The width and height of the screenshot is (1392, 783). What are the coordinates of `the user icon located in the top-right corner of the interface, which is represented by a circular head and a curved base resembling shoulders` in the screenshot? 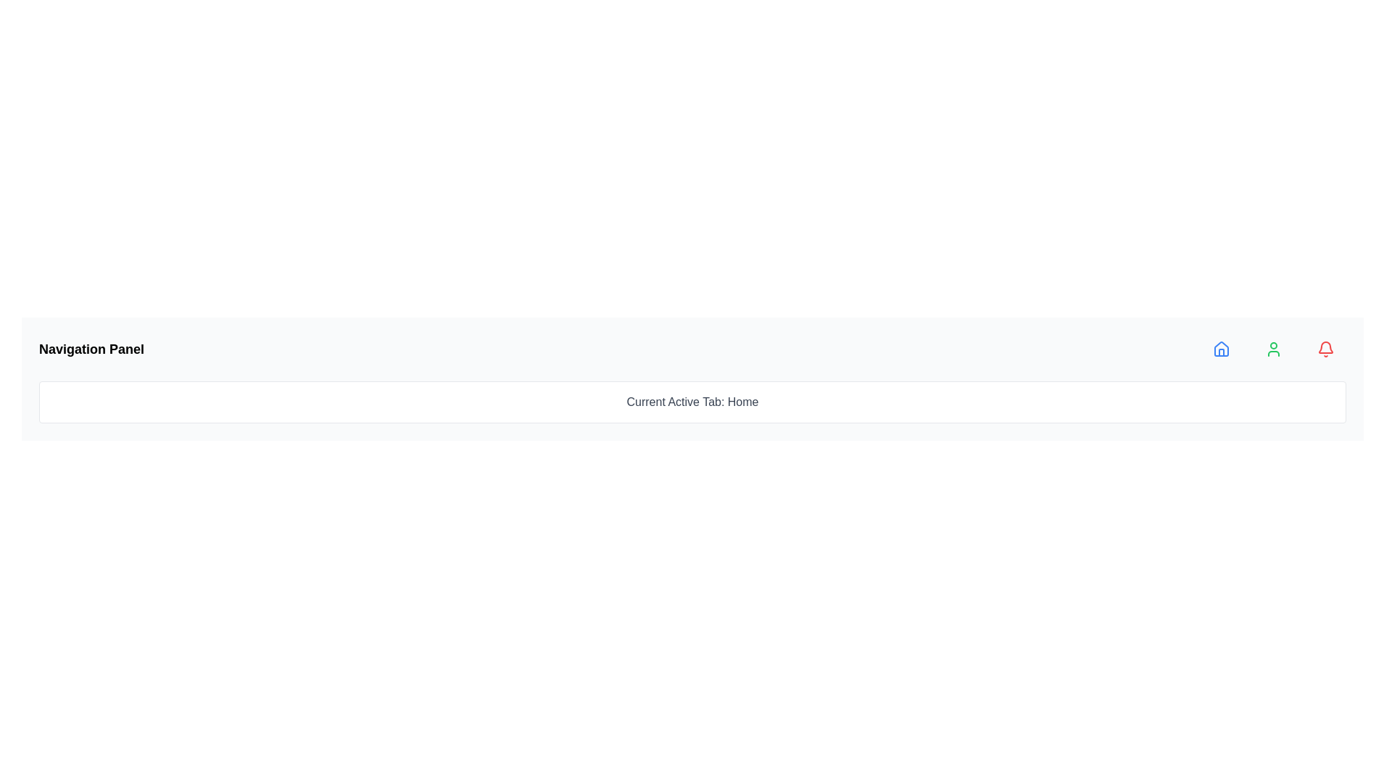 It's located at (1272, 349).